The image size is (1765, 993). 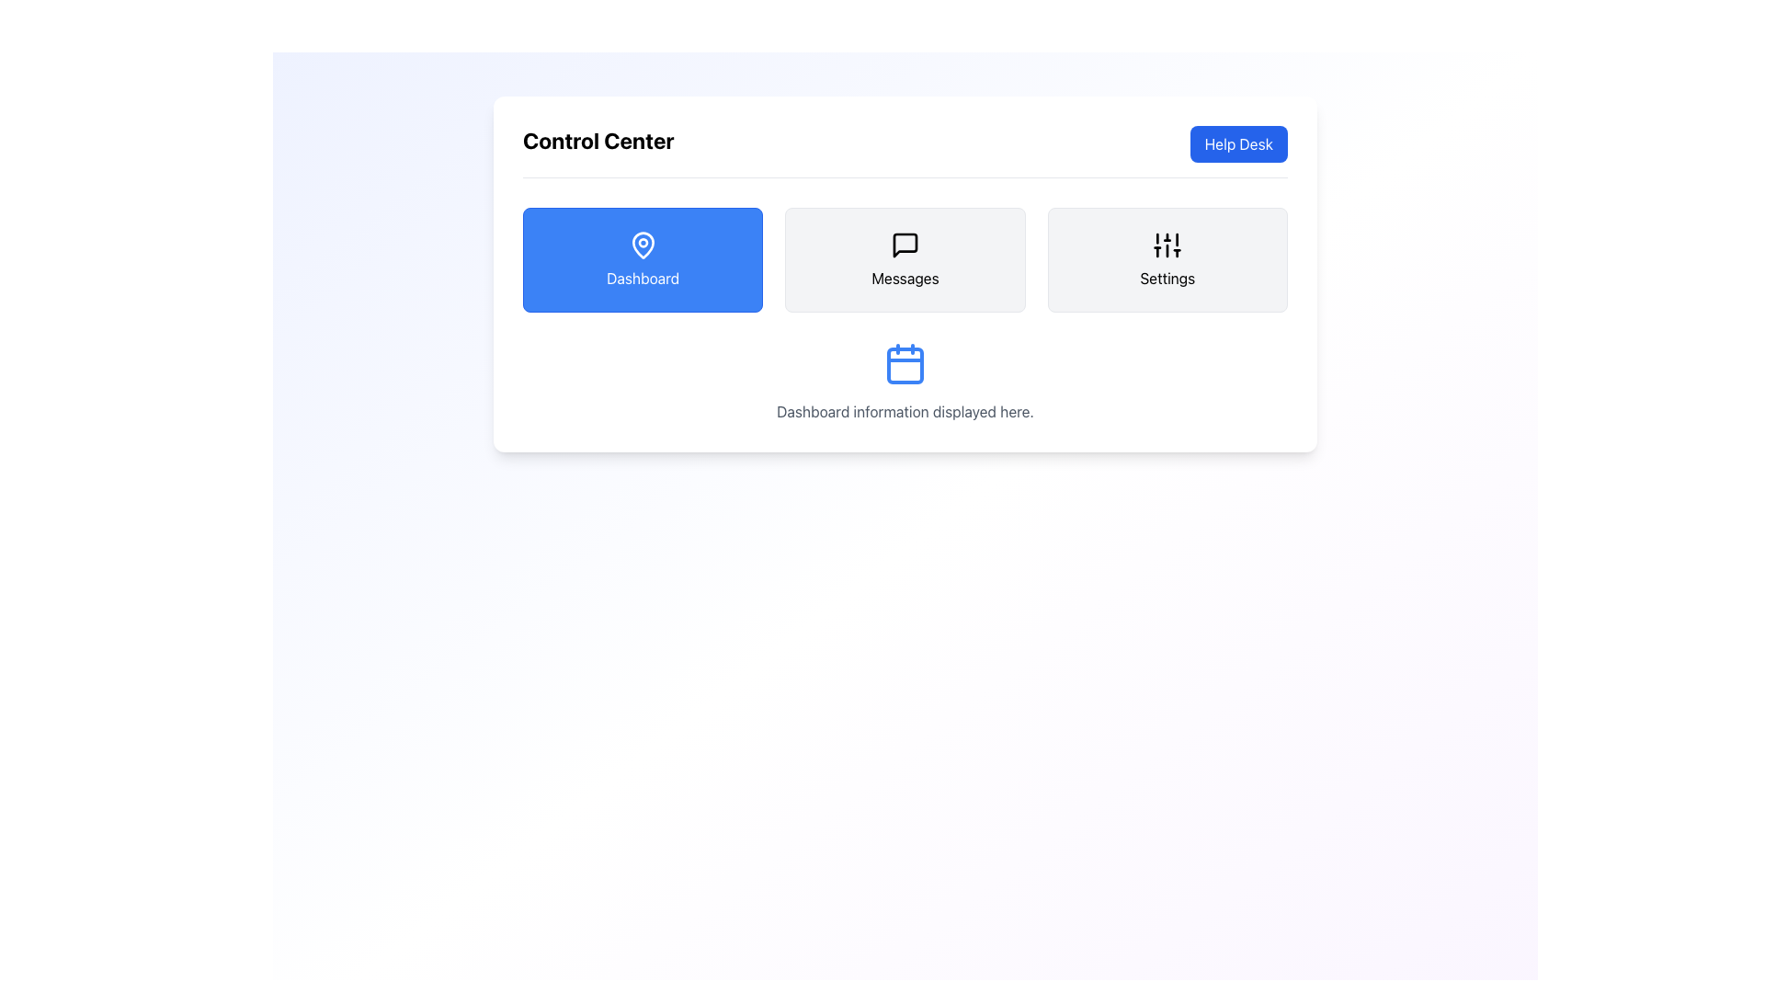 I want to click on the map pin icon that visually identifies the 'Dashboard' button, which is centrally located within the blue button labeled 'Dashboard' in the Control Center interface, so click(x=643, y=244).